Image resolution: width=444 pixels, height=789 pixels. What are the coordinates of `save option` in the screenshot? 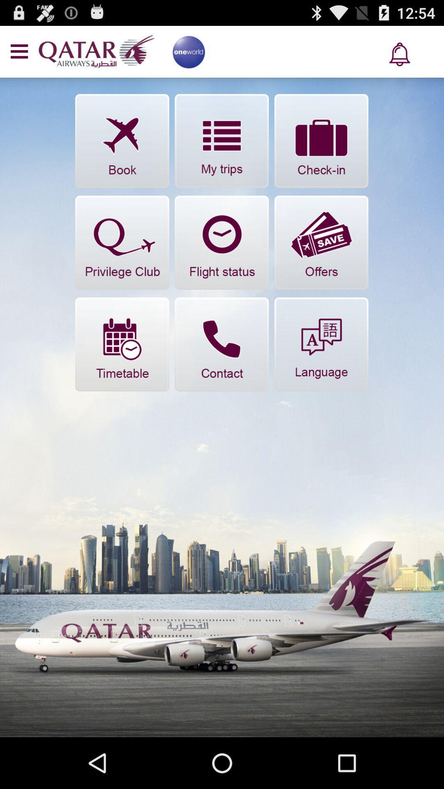 It's located at (321, 242).